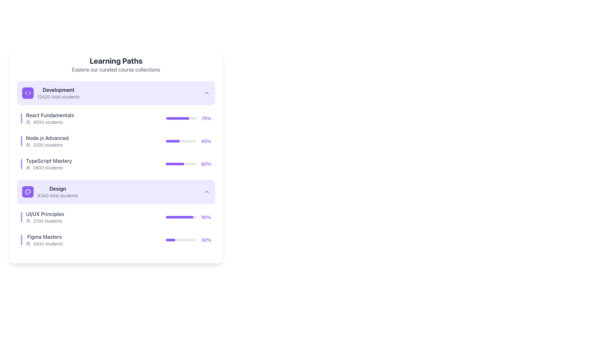 Image resolution: width=609 pixels, height=342 pixels. I want to click on percentage text from the Progress bar located in the 'UI/UX Principles' row under the 'Design' category, positioned to the right of the student count text component, so click(188, 217).